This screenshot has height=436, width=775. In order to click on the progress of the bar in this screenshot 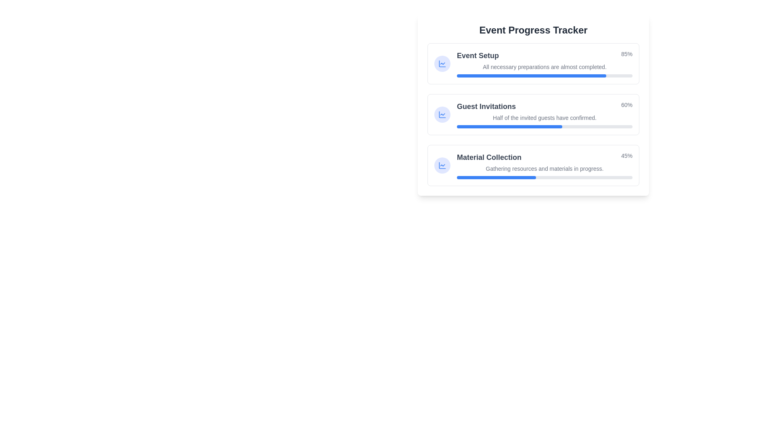, I will do `click(556, 76)`.